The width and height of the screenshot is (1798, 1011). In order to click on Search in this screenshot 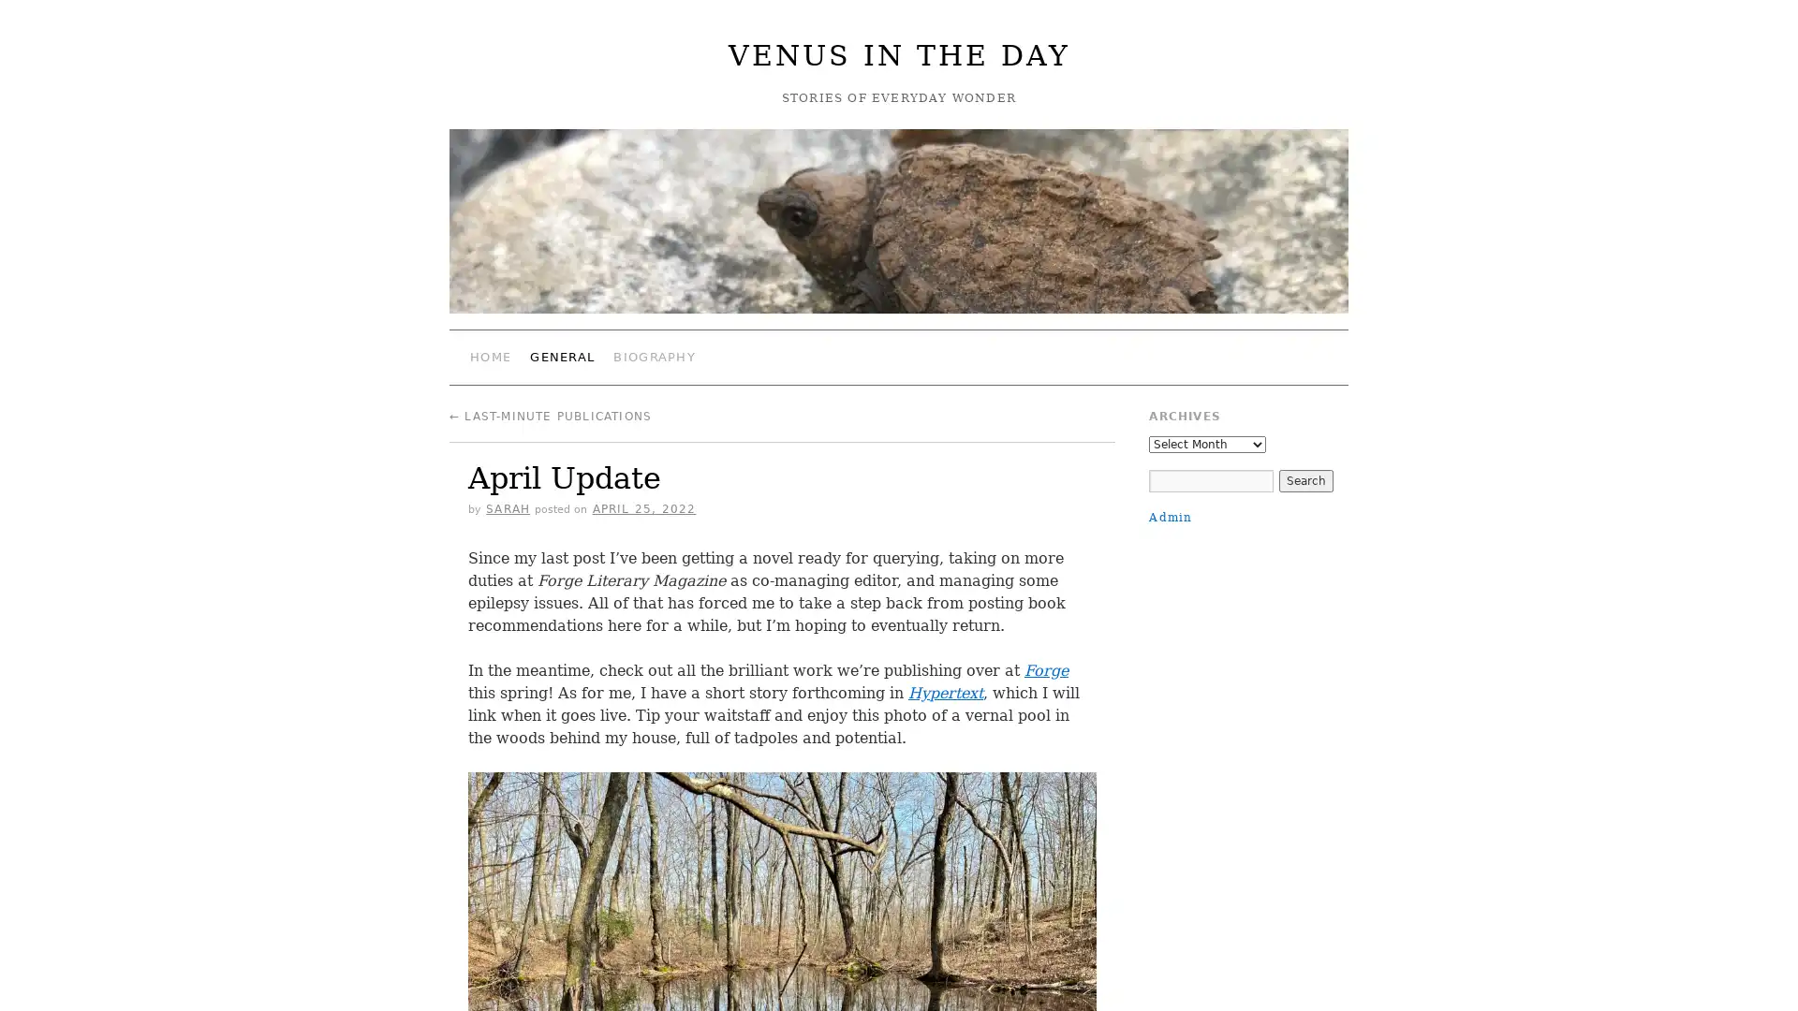, I will do `click(1304, 479)`.